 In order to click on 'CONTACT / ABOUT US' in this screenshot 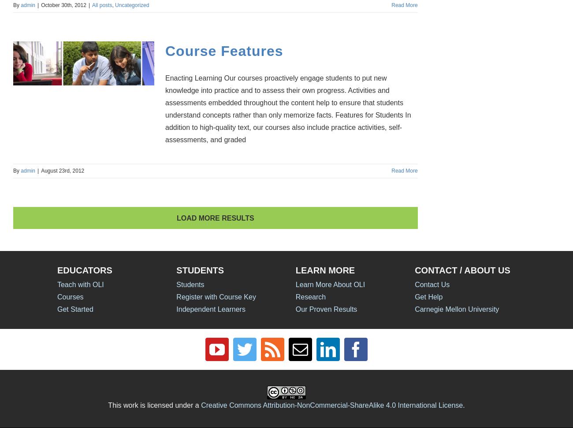, I will do `click(462, 270)`.